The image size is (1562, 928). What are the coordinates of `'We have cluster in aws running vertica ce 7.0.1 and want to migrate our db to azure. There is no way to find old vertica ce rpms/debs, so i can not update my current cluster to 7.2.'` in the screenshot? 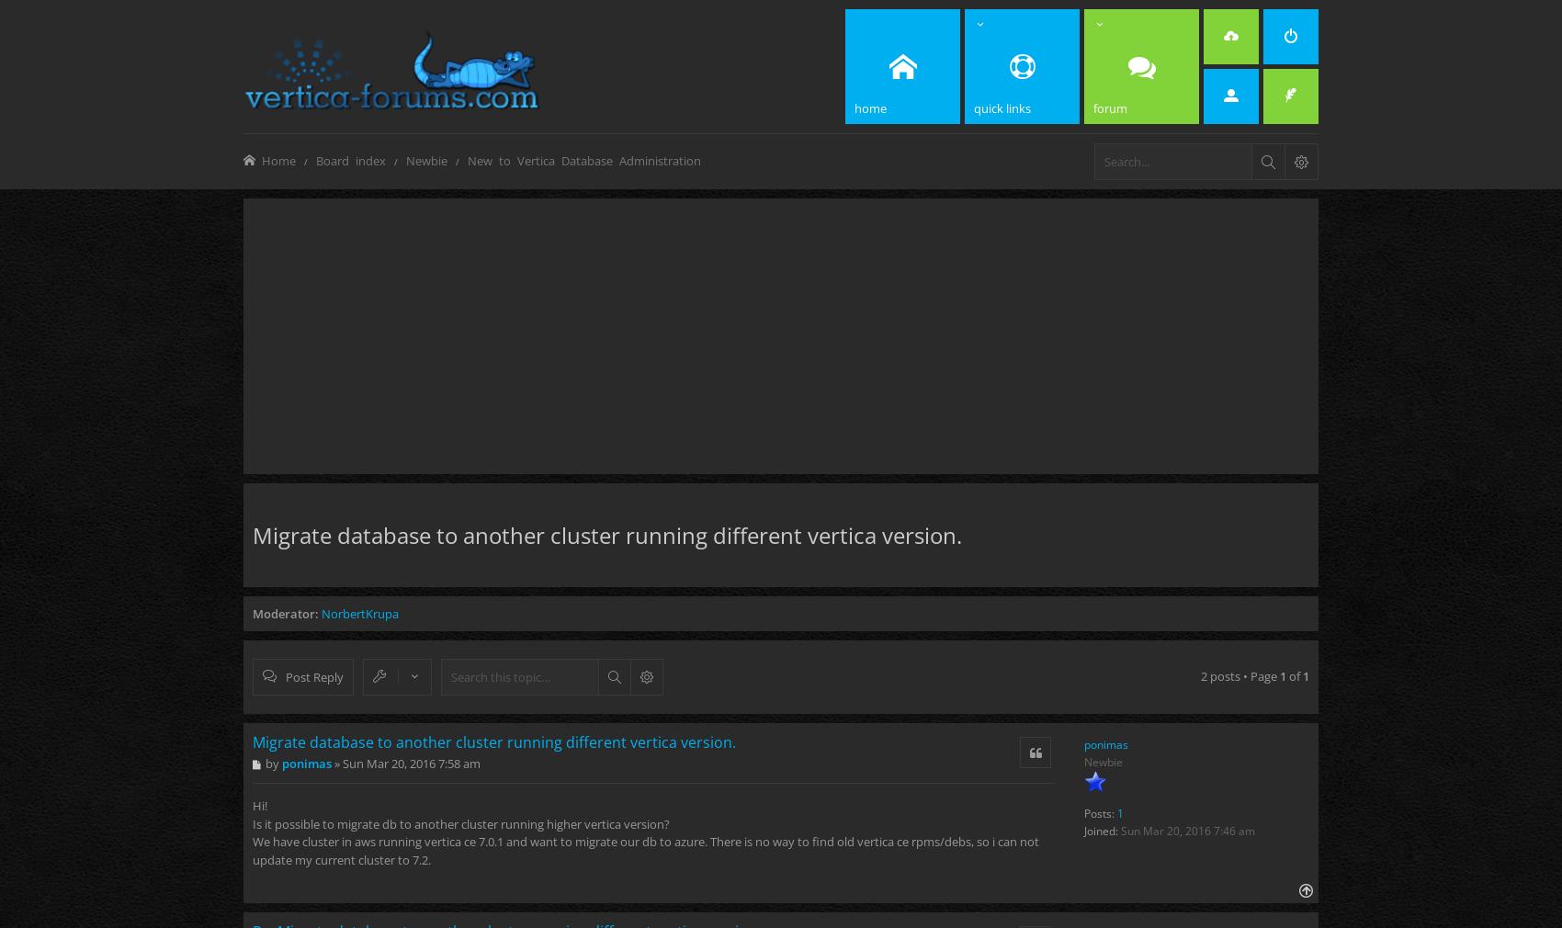 It's located at (645, 850).